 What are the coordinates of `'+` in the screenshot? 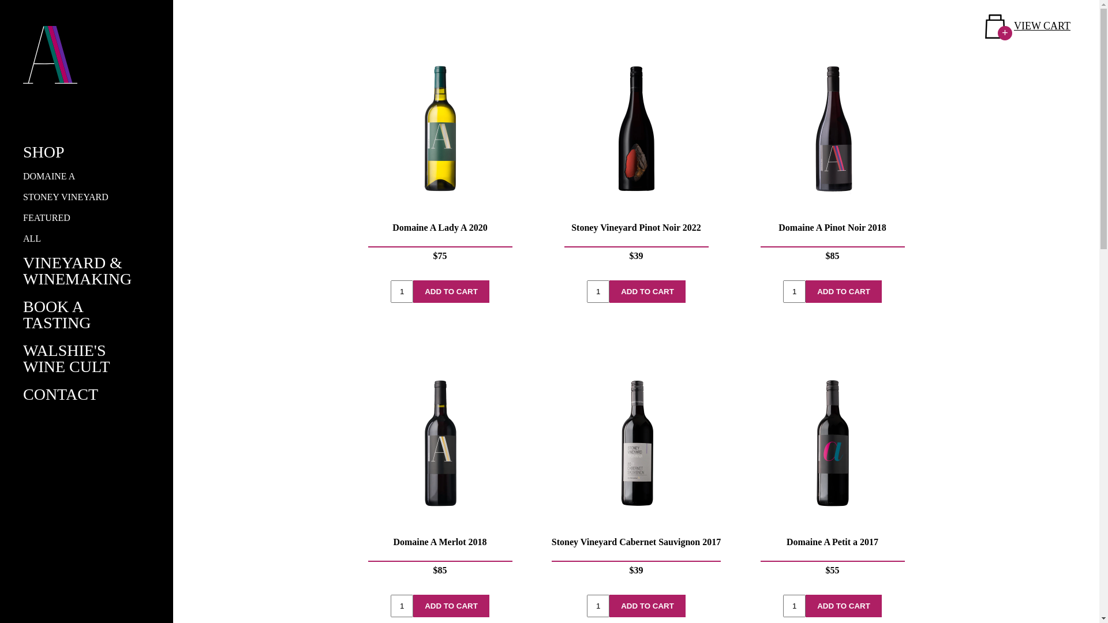 It's located at (1027, 26).